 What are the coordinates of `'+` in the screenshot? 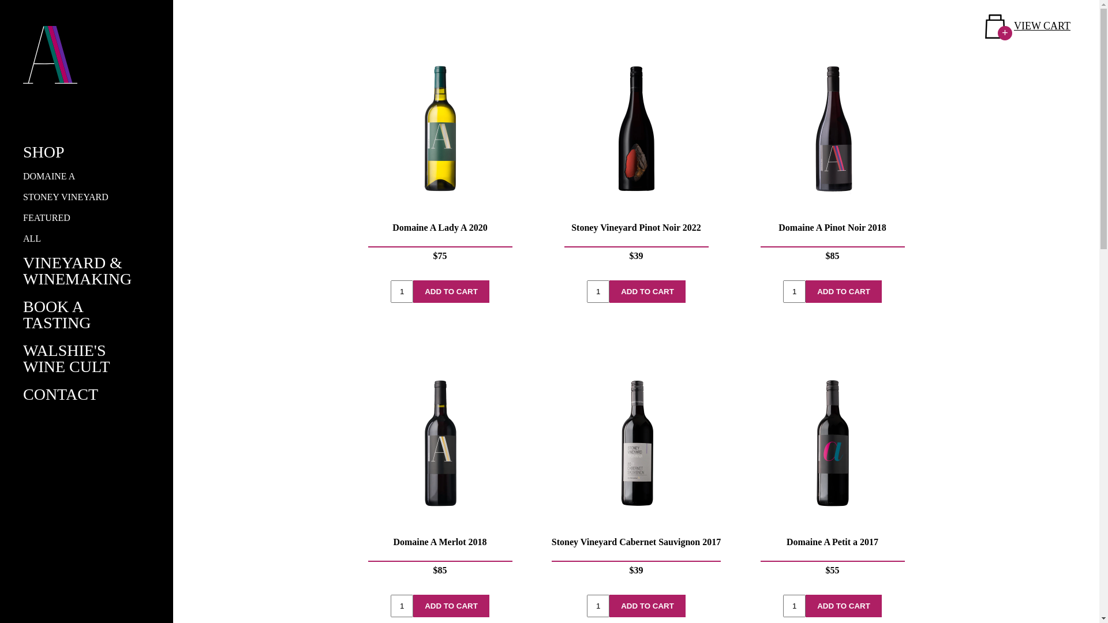 It's located at (1027, 26).